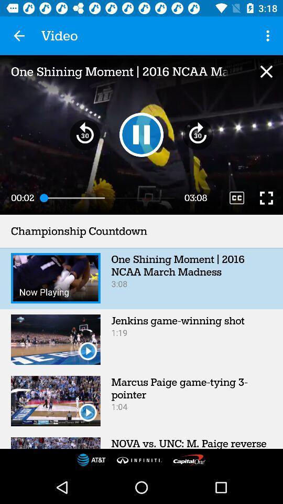  What do you see at coordinates (198, 134) in the screenshot?
I see `the av_forward icon` at bounding box center [198, 134].